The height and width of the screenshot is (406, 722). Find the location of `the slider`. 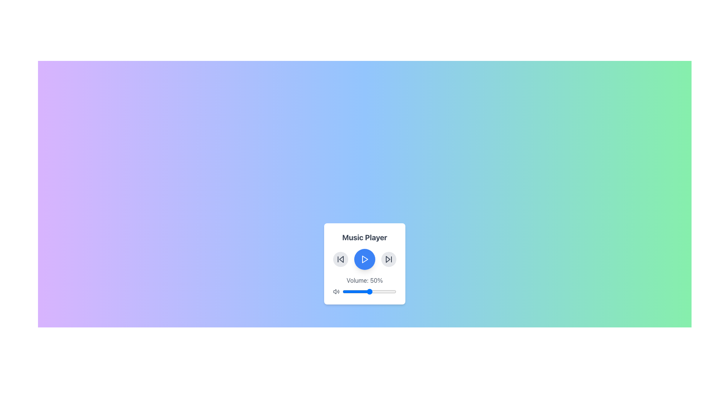

the slider is located at coordinates (370, 291).